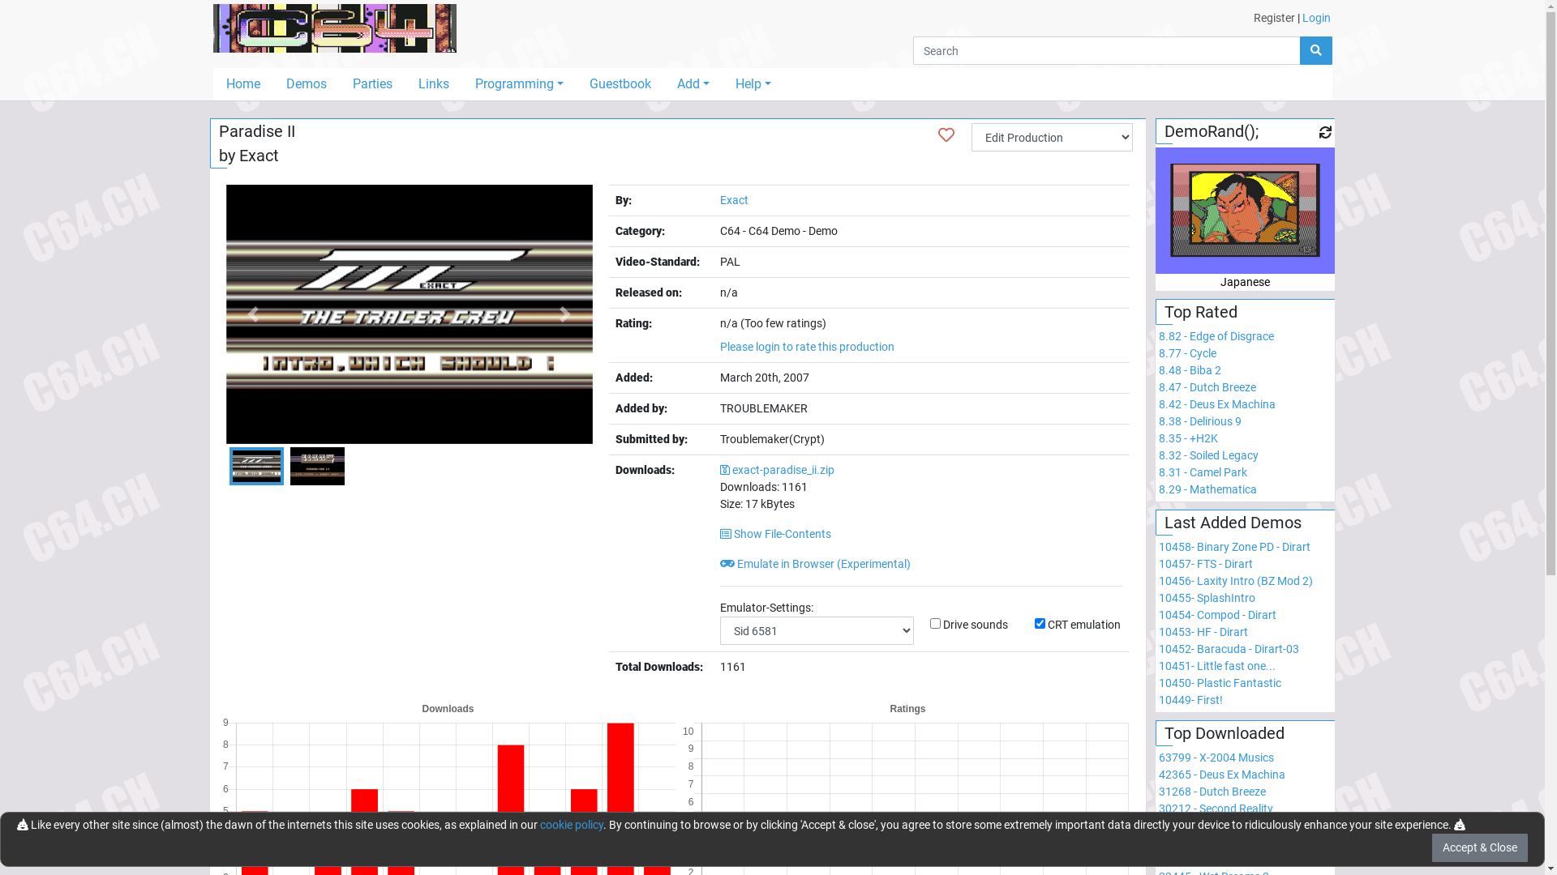  I want to click on '8.48 - Biba 2', so click(1190, 369).